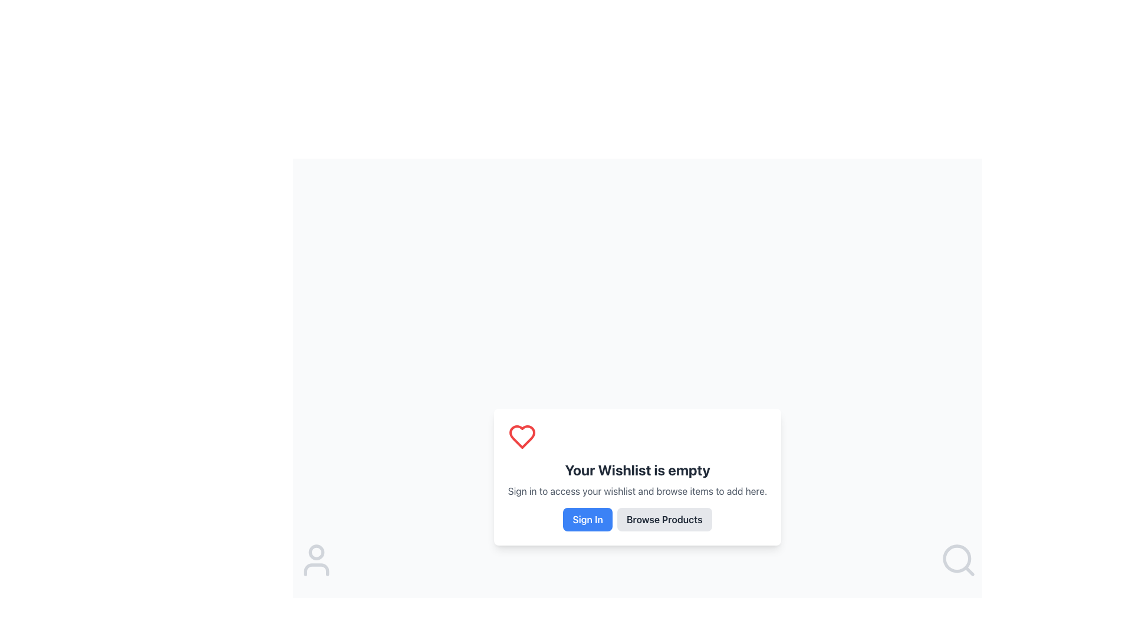 This screenshot has width=1132, height=637. What do you see at coordinates (588, 518) in the screenshot?
I see `the leftmost button on the bottom center of the card element to initiate the sign-in process` at bounding box center [588, 518].